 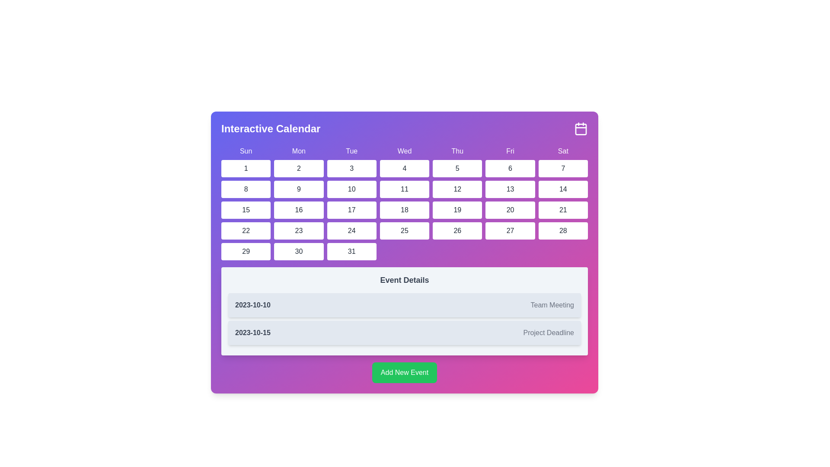 What do you see at coordinates (510, 151) in the screenshot?
I see `the text label for Friday in the calendar's weekday header, which is the sixth element positioned between 'Thu' and 'Sat'` at bounding box center [510, 151].